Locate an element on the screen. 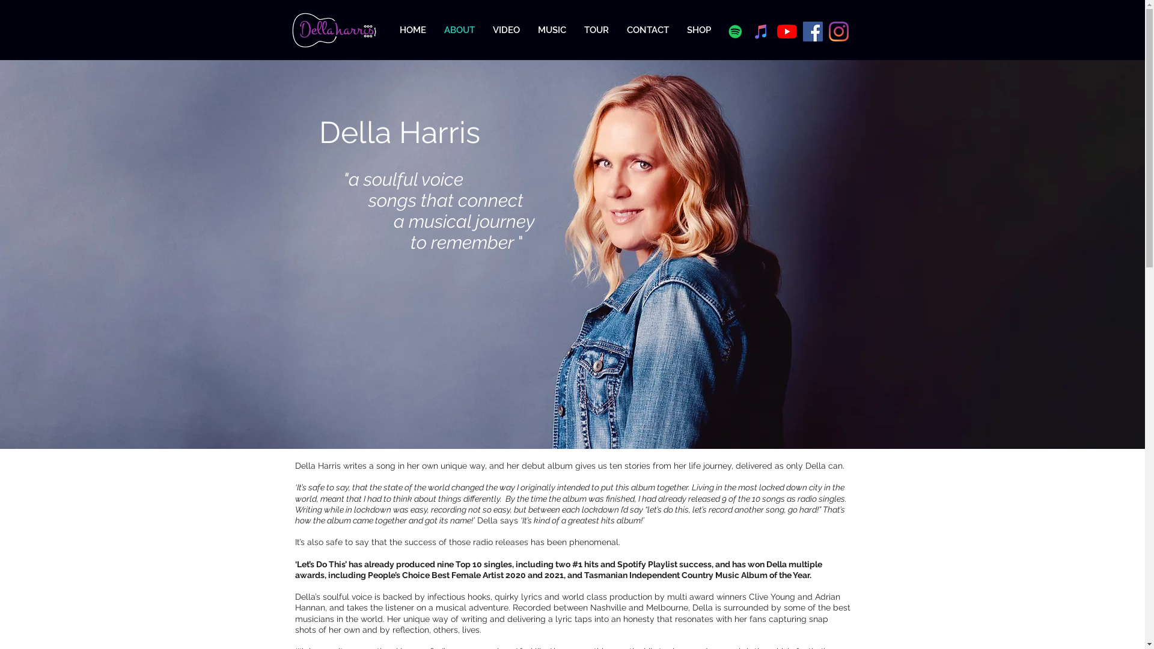 Image resolution: width=1154 pixels, height=649 pixels. 'VIDEO' is located at coordinates (505, 29).